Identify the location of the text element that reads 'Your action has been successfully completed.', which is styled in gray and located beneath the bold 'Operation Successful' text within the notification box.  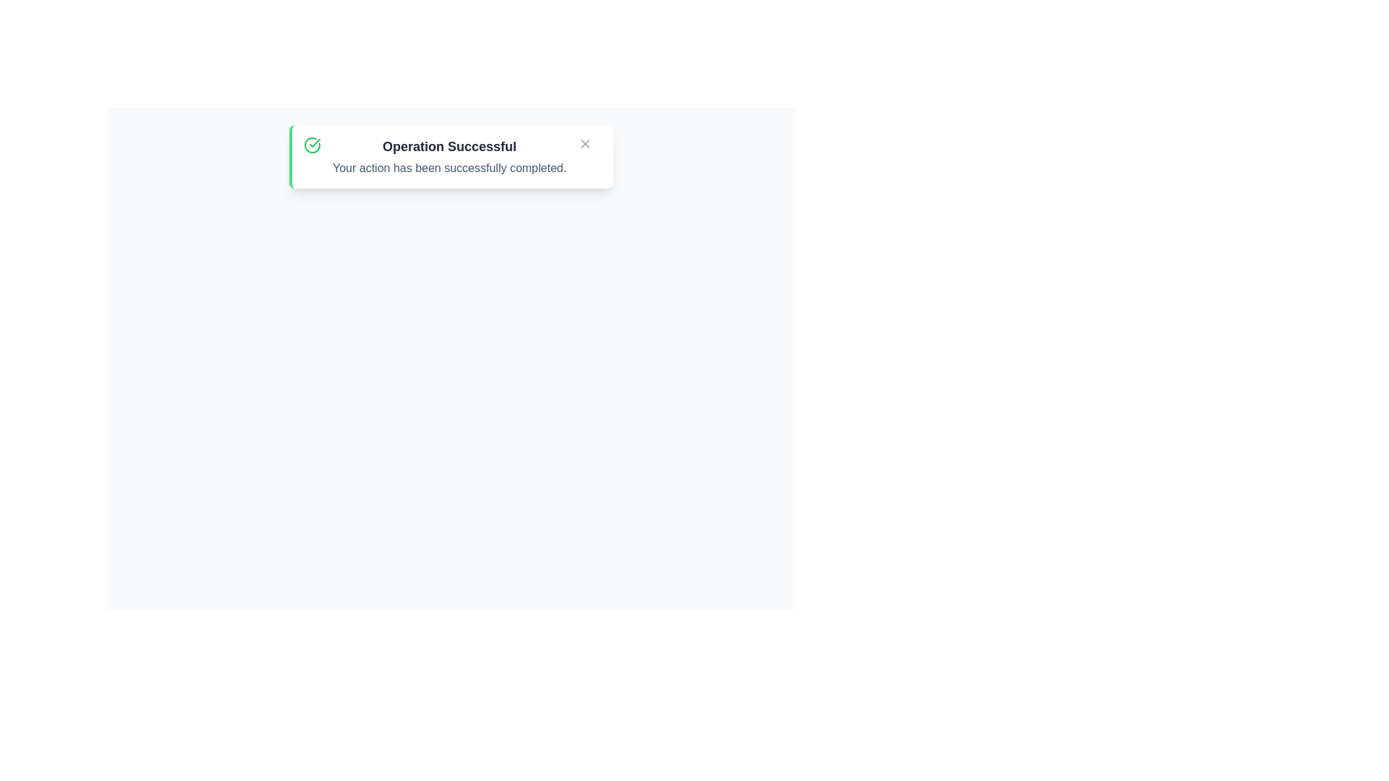
(449, 167).